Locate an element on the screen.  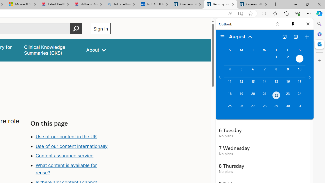
'What content is available for reuse?' is located at coordinates (66, 169).